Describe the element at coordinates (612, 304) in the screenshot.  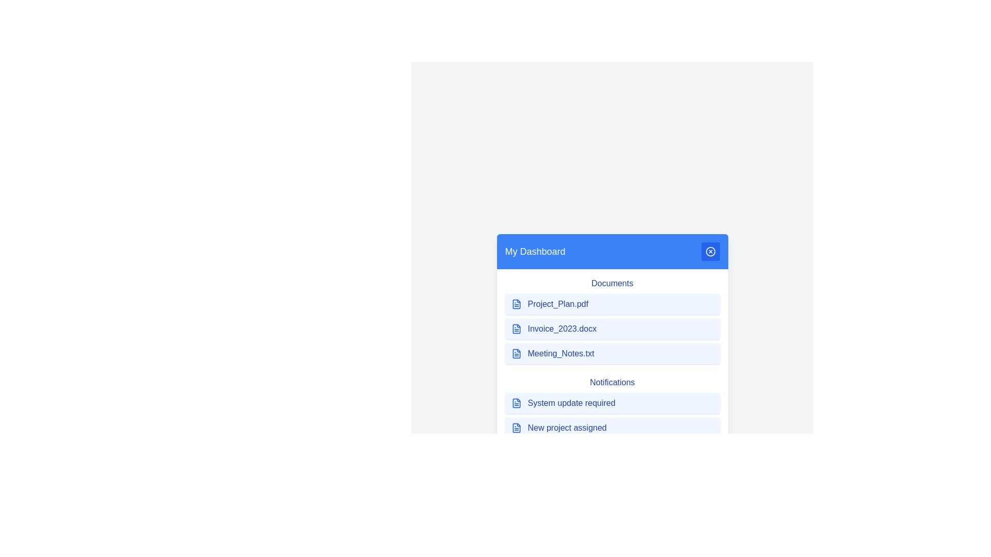
I see `the item Project_Plan.pdf from the menu` at that location.